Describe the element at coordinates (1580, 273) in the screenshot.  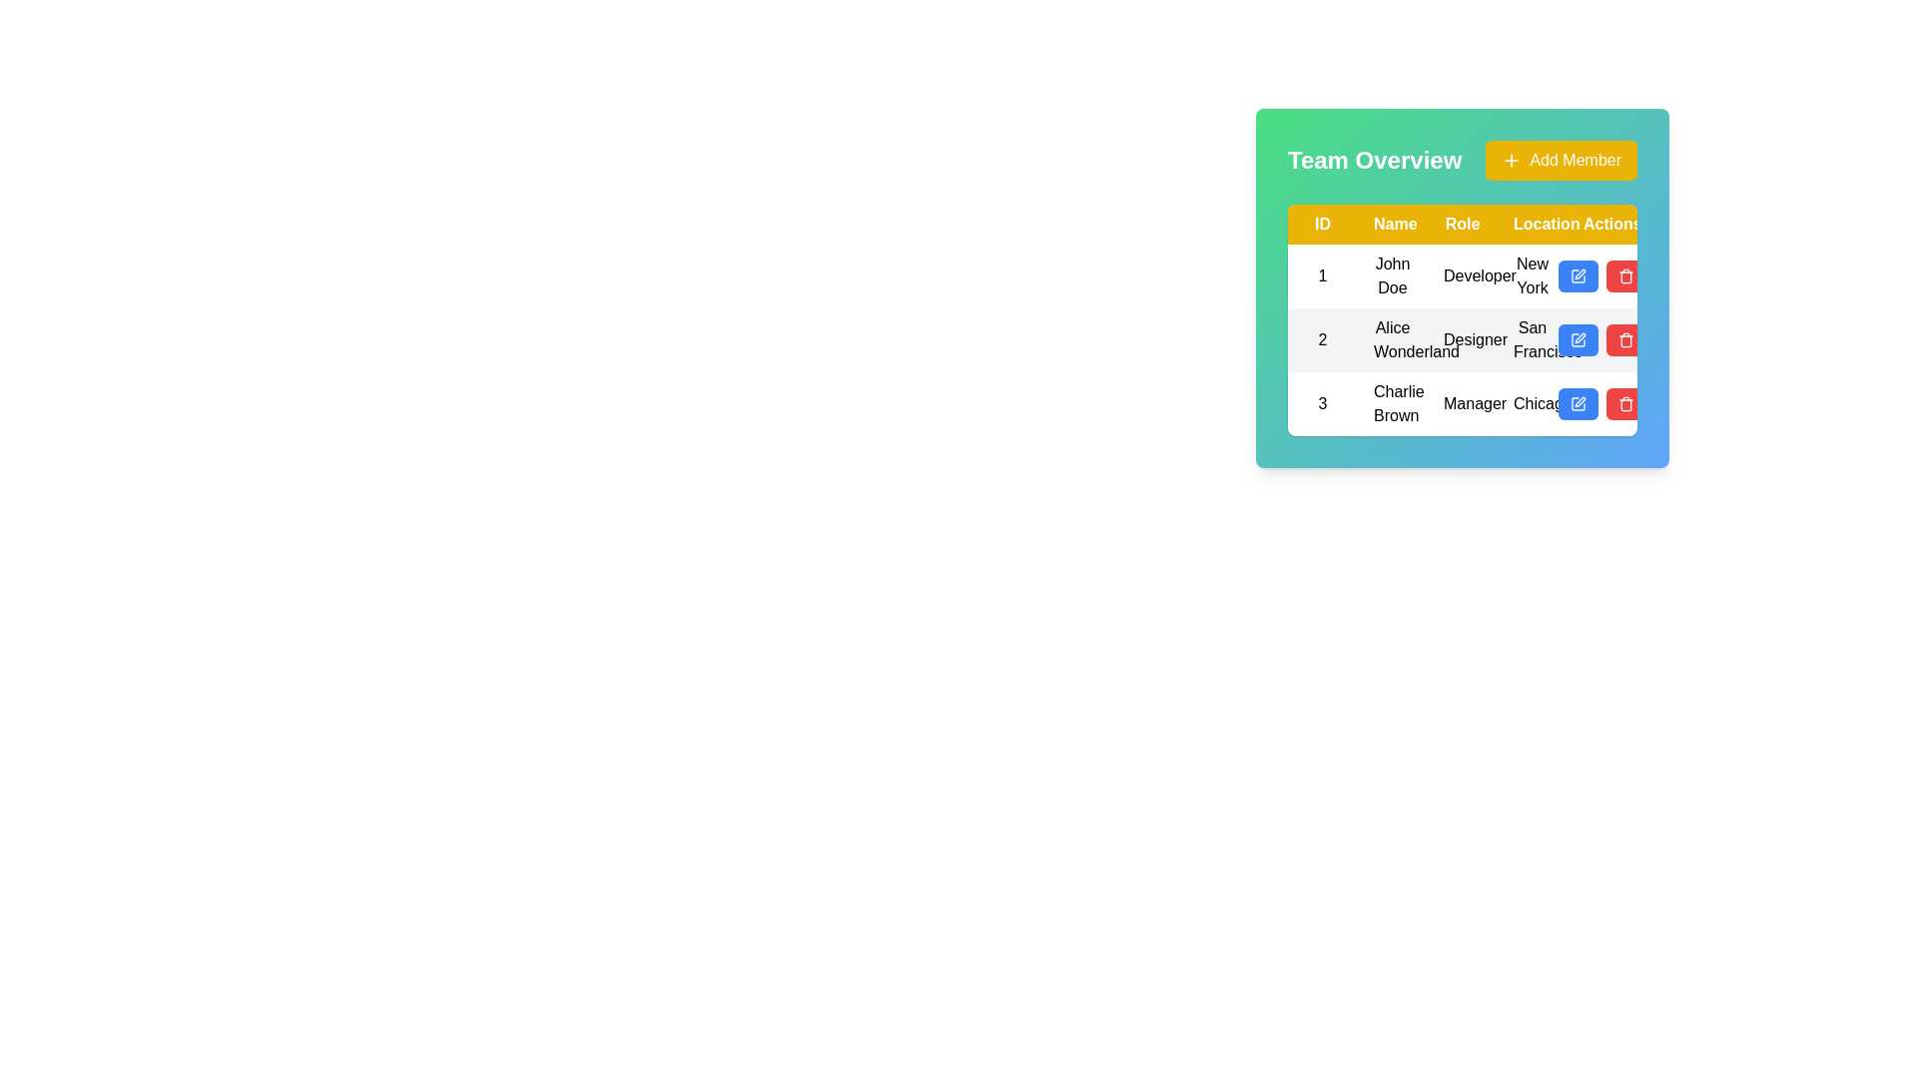
I see `the blue edit icon button in the Actions column of the second row for the team member 'Alice Wonderland'` at that location.